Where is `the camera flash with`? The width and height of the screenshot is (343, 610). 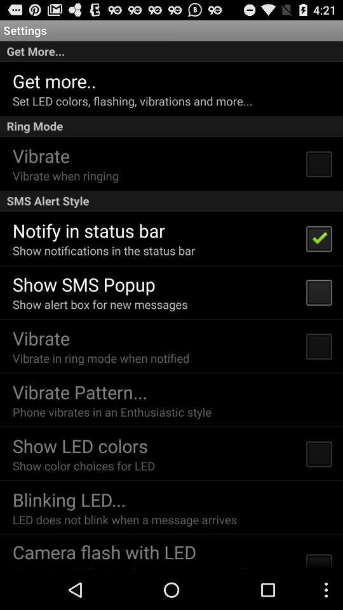
the camera flash with is located at coordinates (104, 551).